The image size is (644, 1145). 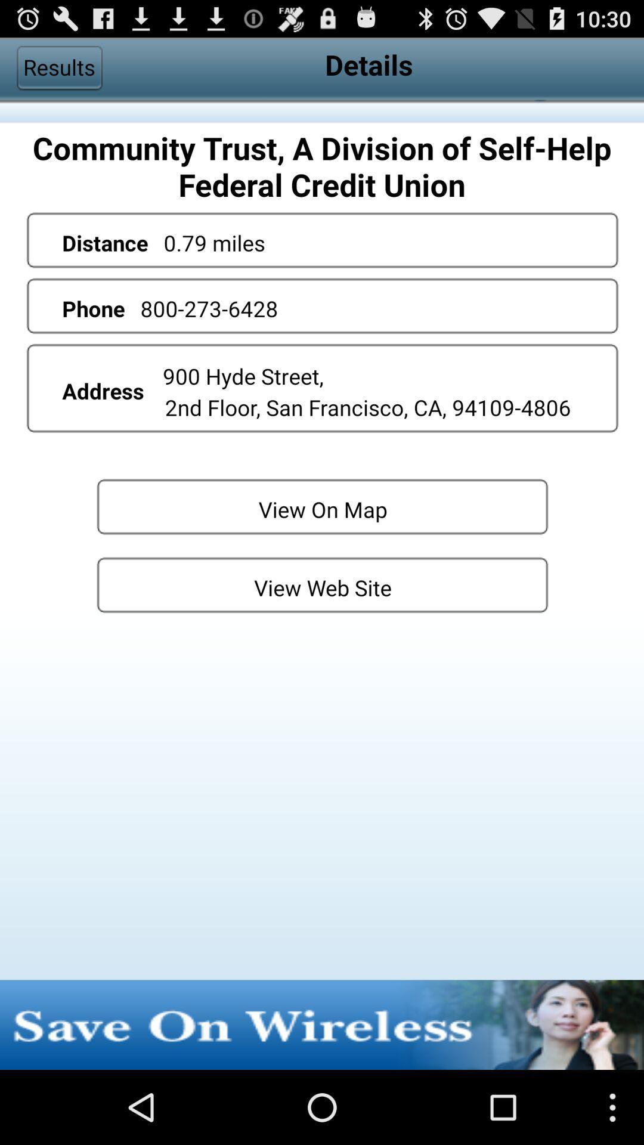 What do you see at coordinates (209, 308) in the screenshot?
I see `the app below the distance item` at bounding box center [209, 308].